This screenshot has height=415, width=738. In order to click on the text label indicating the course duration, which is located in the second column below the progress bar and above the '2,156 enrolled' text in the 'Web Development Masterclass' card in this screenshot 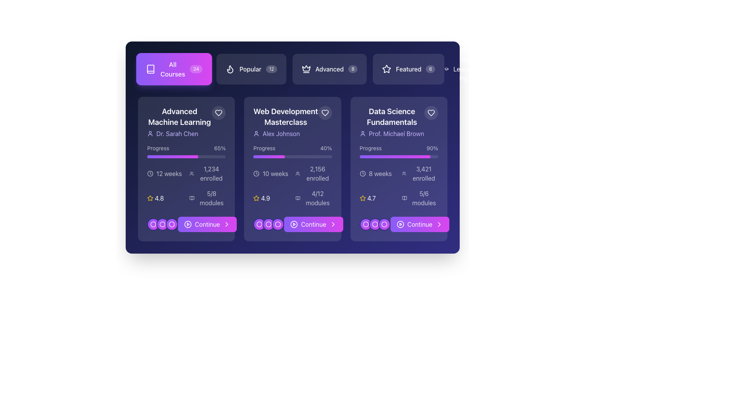, I will do `click(271, 173)`.